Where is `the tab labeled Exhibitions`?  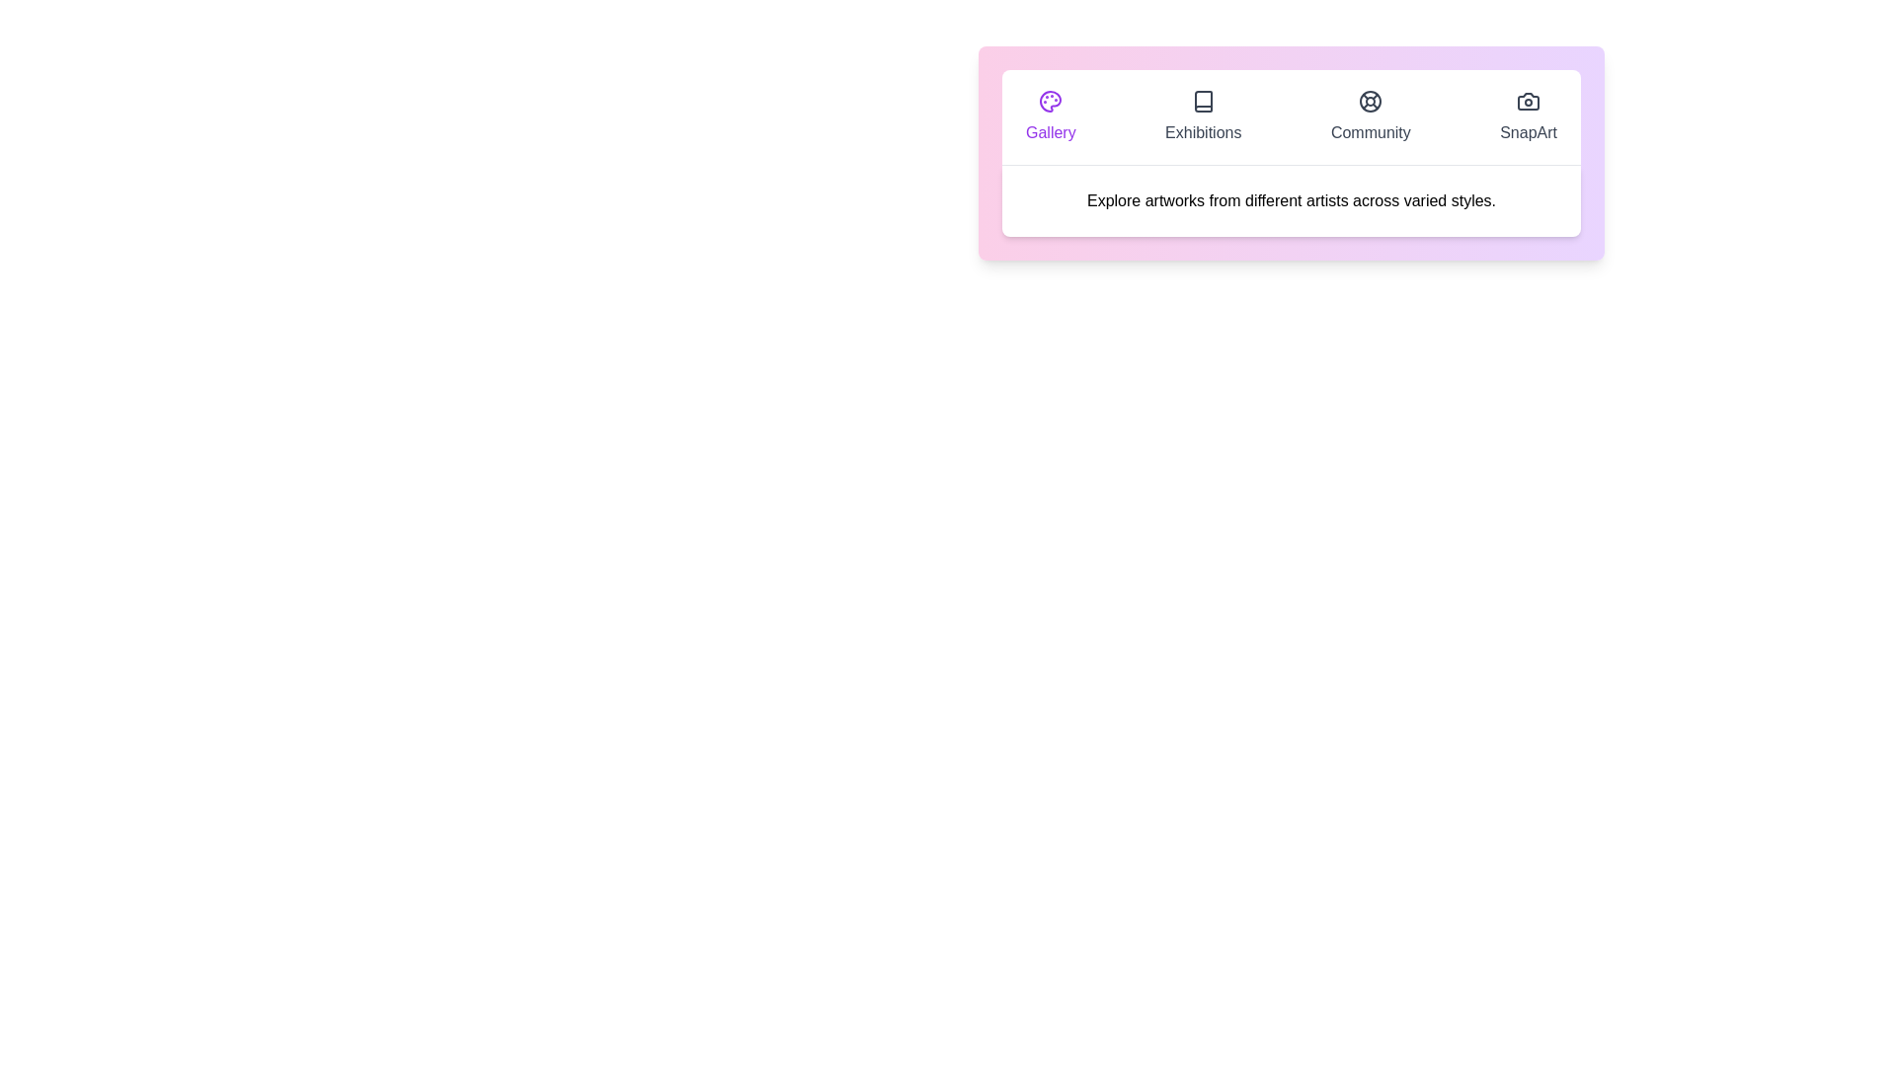
the tab labeled Exhibitions is located at coordinates (1202, 117).